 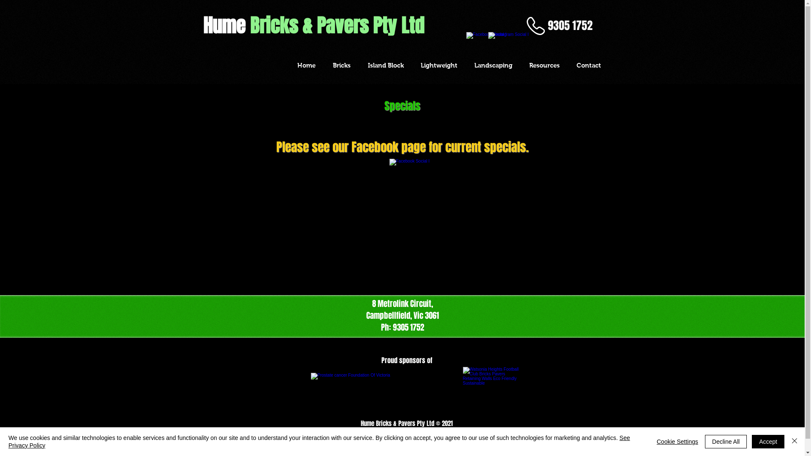 I want to click on 'Lightweight', so click(x=439, y=65).